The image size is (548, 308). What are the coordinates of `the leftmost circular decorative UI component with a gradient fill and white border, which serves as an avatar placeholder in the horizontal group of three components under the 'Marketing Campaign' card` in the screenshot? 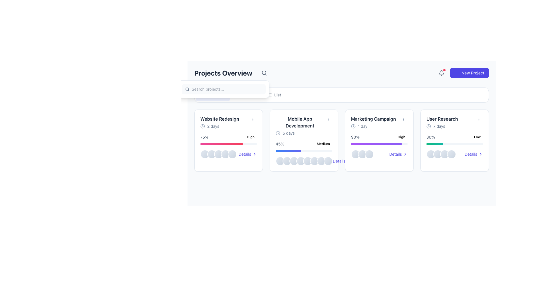 It's located at (355, 154).